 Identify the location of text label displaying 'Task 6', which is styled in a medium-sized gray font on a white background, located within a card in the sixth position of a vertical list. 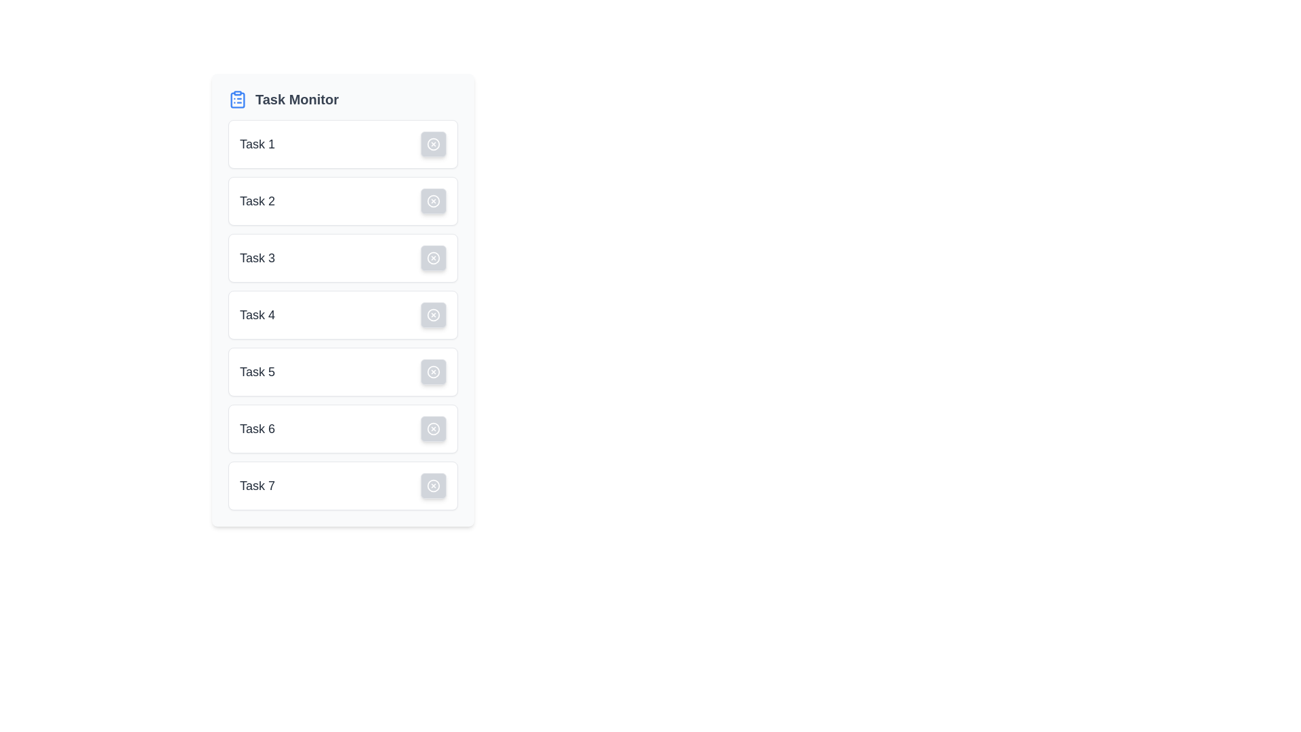
(257, 428).